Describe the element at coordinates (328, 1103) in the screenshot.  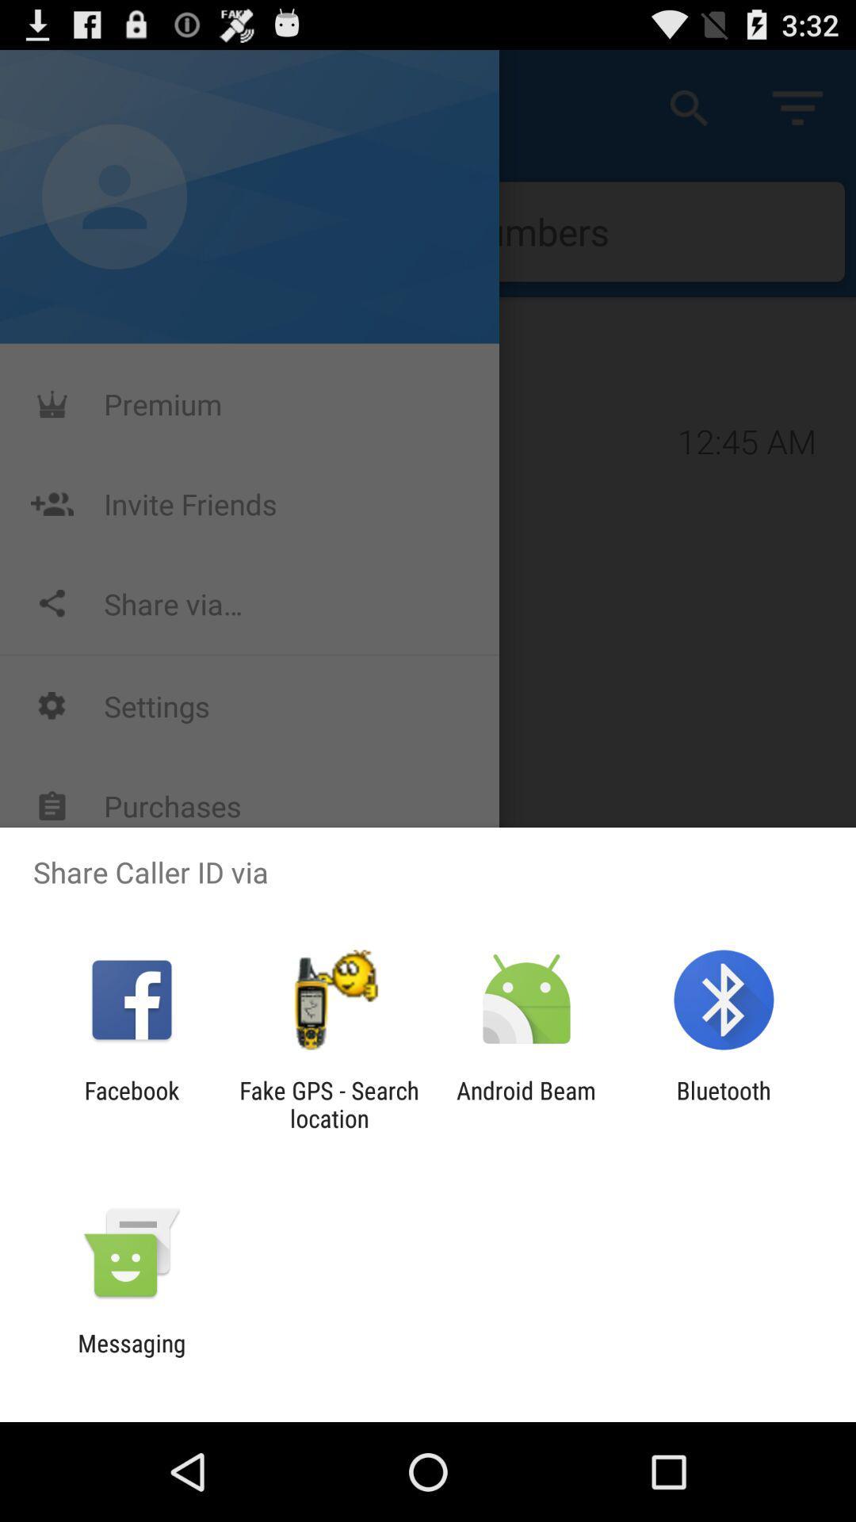
I see `fake gps search item` at that location.